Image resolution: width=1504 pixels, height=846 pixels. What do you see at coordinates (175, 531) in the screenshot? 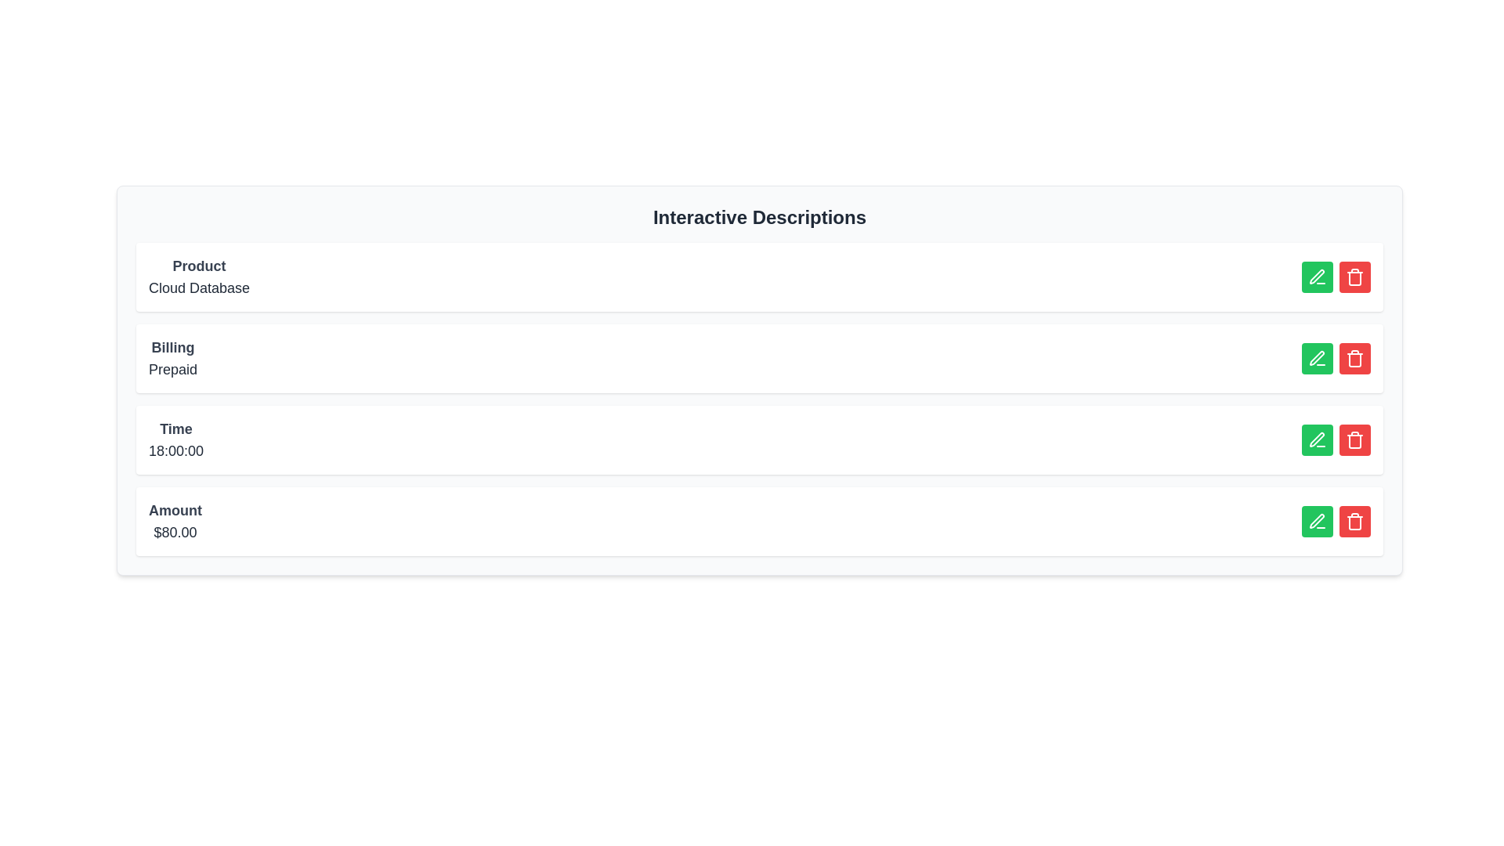
I see `the static text element displaying the monetary amount '$80.00', which is located in the lower-right corner of the 'Amount' section` at bounding box center [175, 531].